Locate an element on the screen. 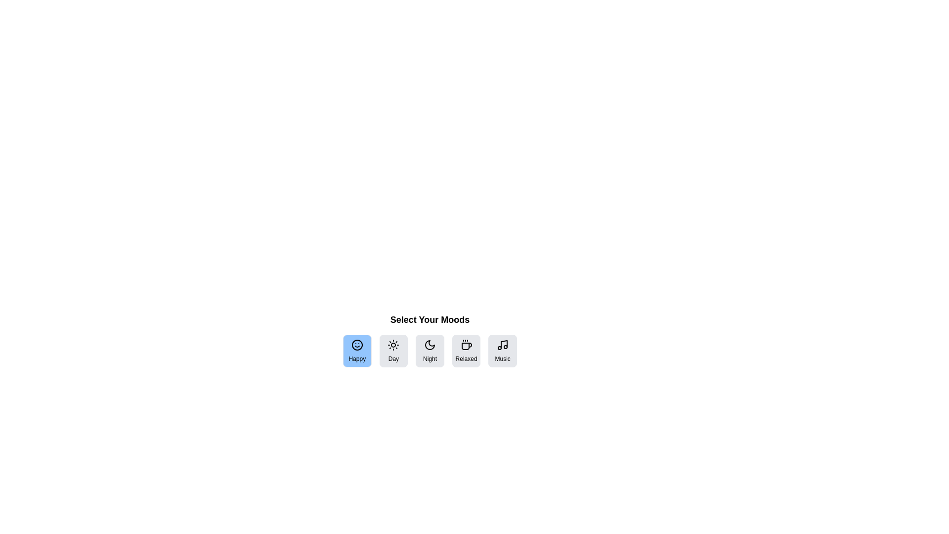 The height and width of the screenshot is (534, 949). the static text element that reads 'Night', which is styled in a small font and is part of a button-like component with a light gray background, located centrally below a night-themed icon is located at coordinates (430, 358).